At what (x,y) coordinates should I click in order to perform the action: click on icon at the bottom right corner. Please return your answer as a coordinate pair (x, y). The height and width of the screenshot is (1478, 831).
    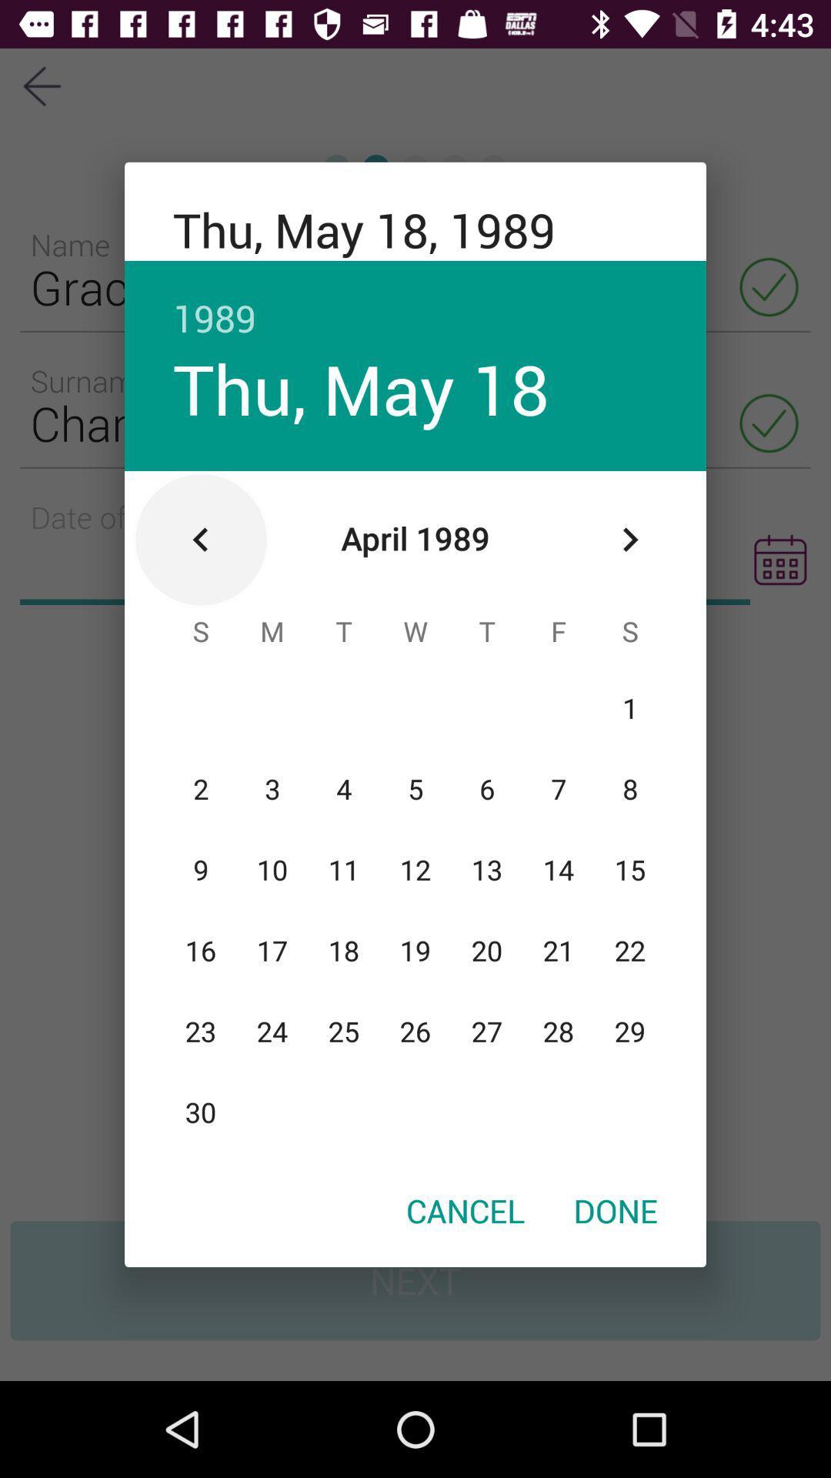
    Looking at the image, I should click on (615, 1209).